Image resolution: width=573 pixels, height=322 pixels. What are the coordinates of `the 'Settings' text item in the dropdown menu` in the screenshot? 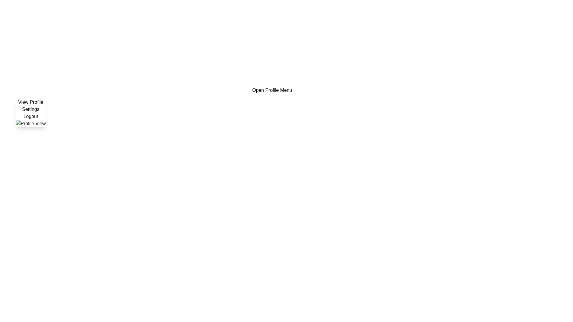 It's located at (30, 109).